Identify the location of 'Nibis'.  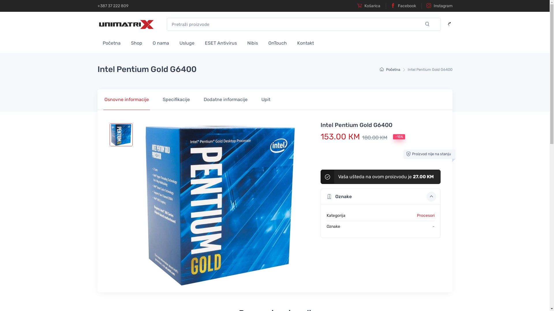
(252, 42).